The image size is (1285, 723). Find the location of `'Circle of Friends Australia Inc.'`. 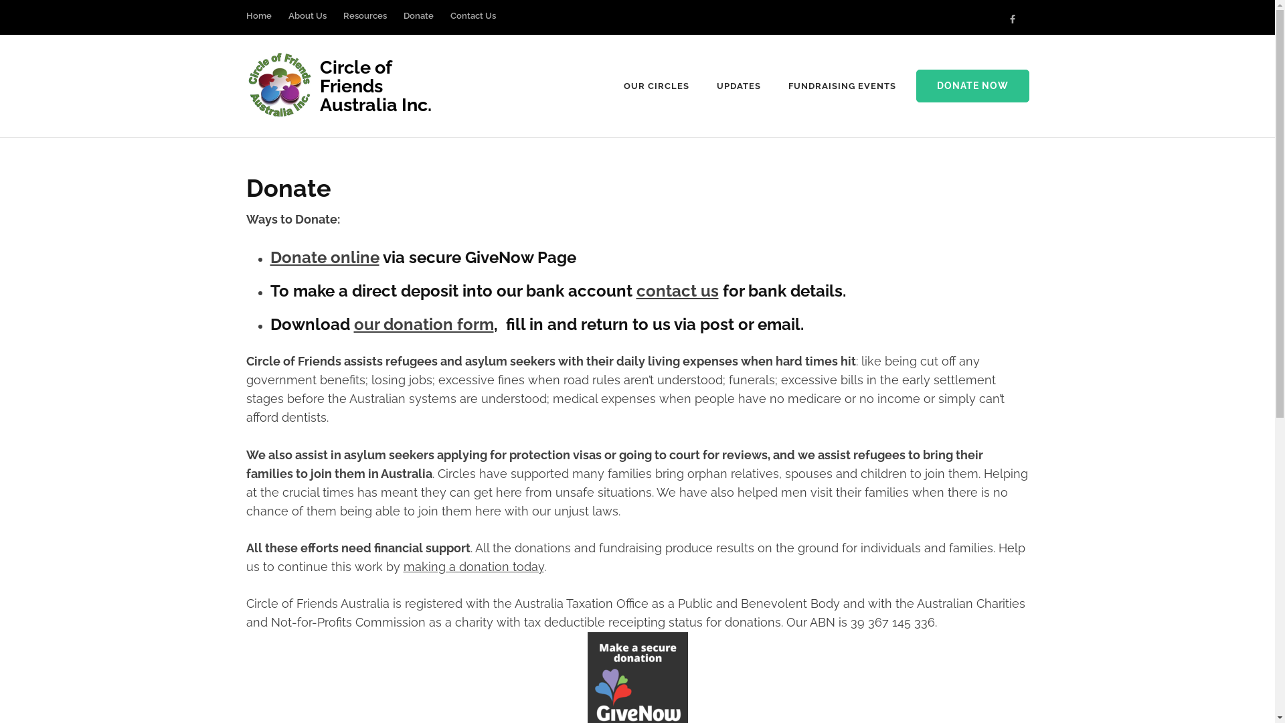

'Circle of Friends Australia Inc.' is located at coordinates (319, 86).